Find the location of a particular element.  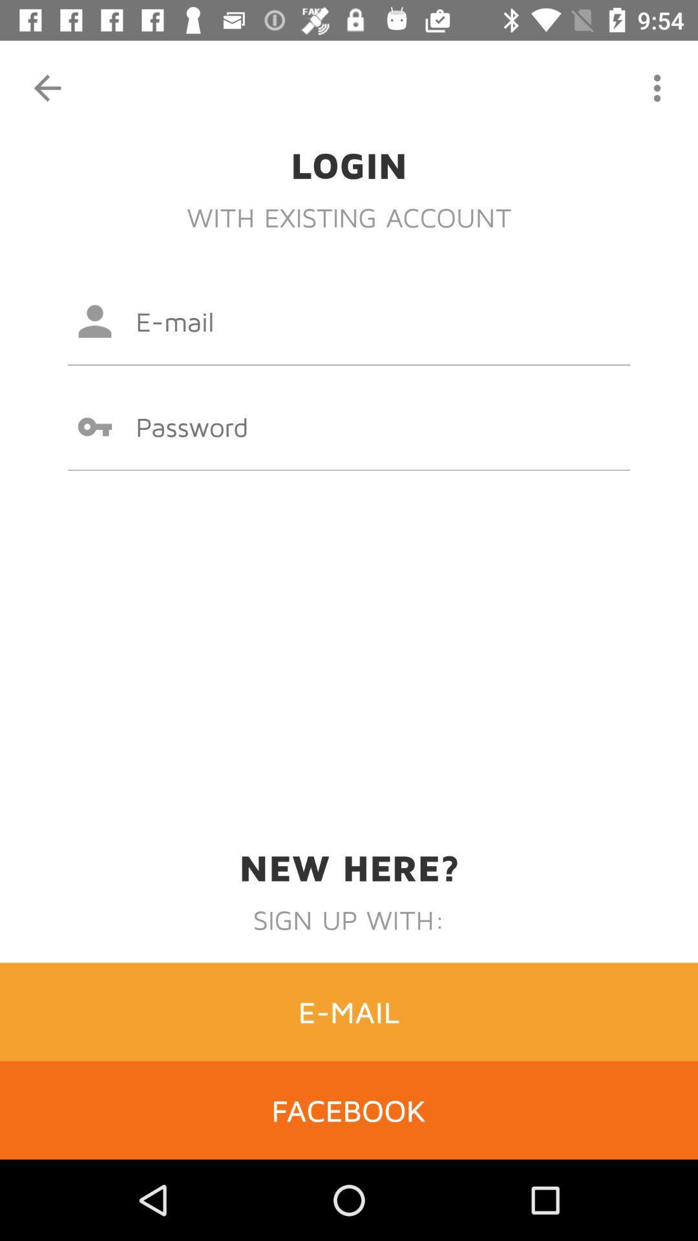

the e-mail icon is located at coordinates (349, 1011).